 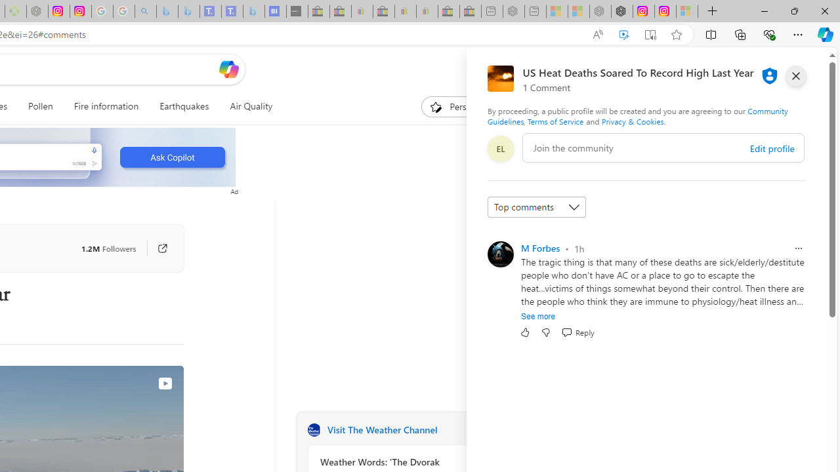 I want to click on 'View on Watch View on Watch', so click(x=135, y=383).